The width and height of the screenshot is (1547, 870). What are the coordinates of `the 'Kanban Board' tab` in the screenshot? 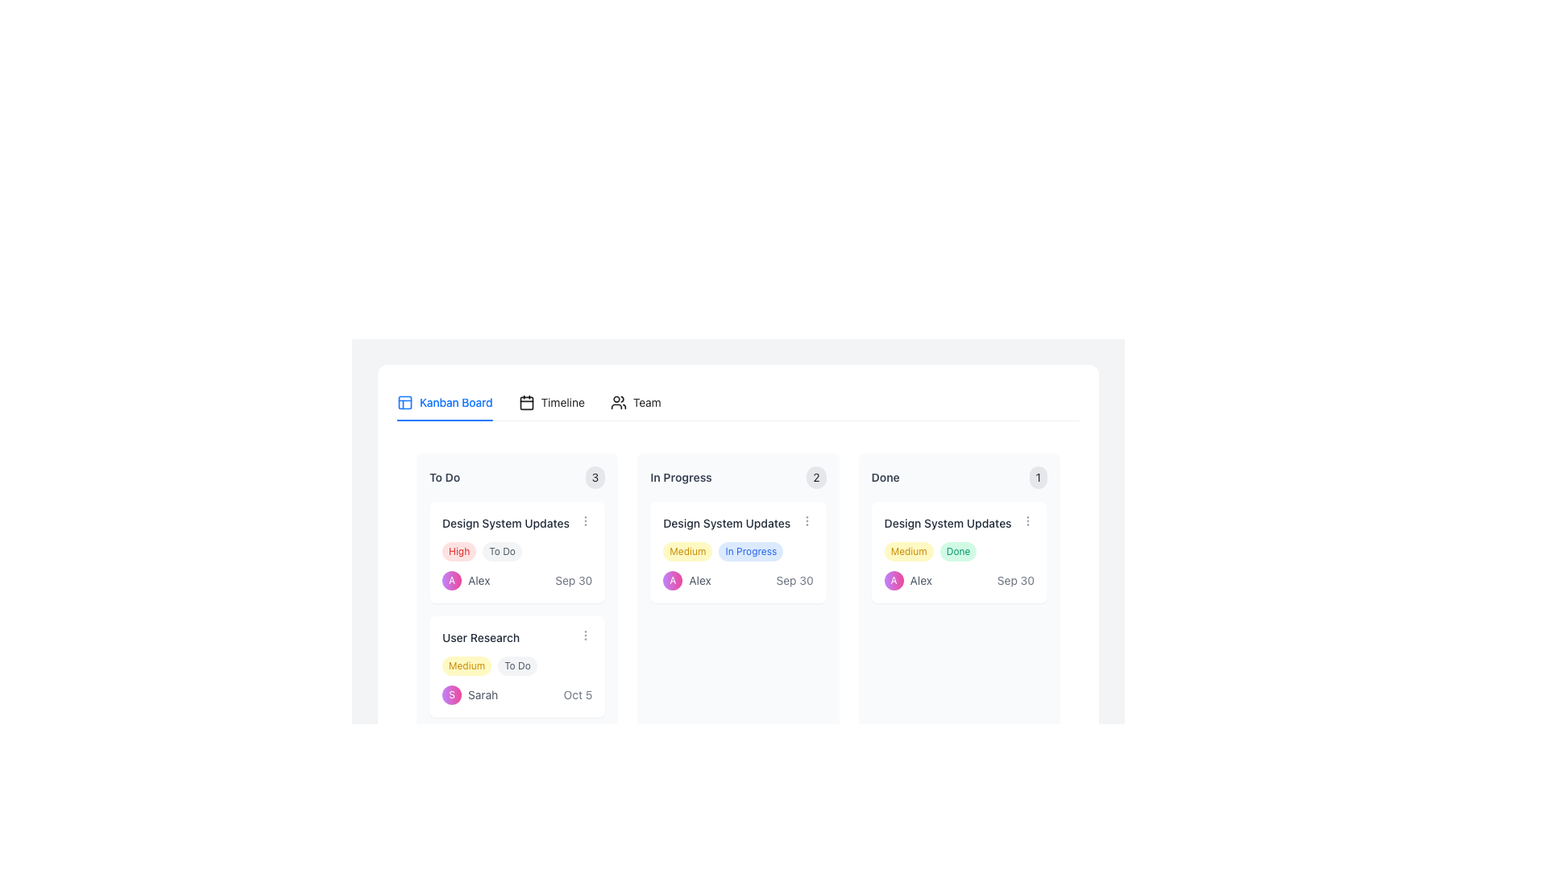 It's located at (445, 402).